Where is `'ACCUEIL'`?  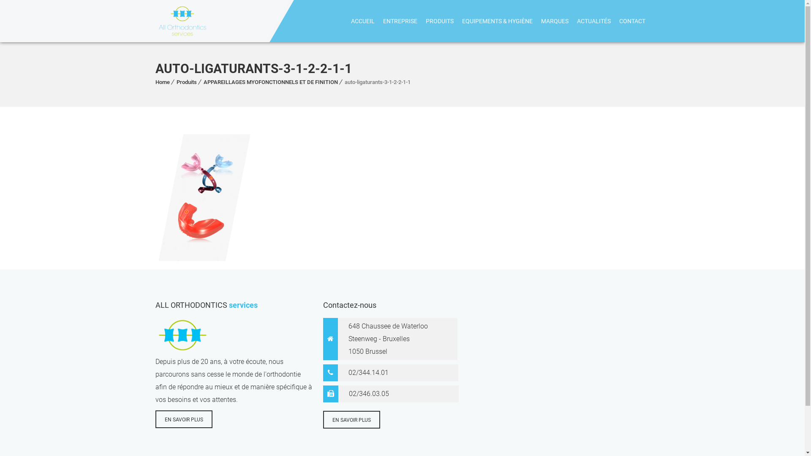
'ACCUEIL' is located at coordinates (362, 21).